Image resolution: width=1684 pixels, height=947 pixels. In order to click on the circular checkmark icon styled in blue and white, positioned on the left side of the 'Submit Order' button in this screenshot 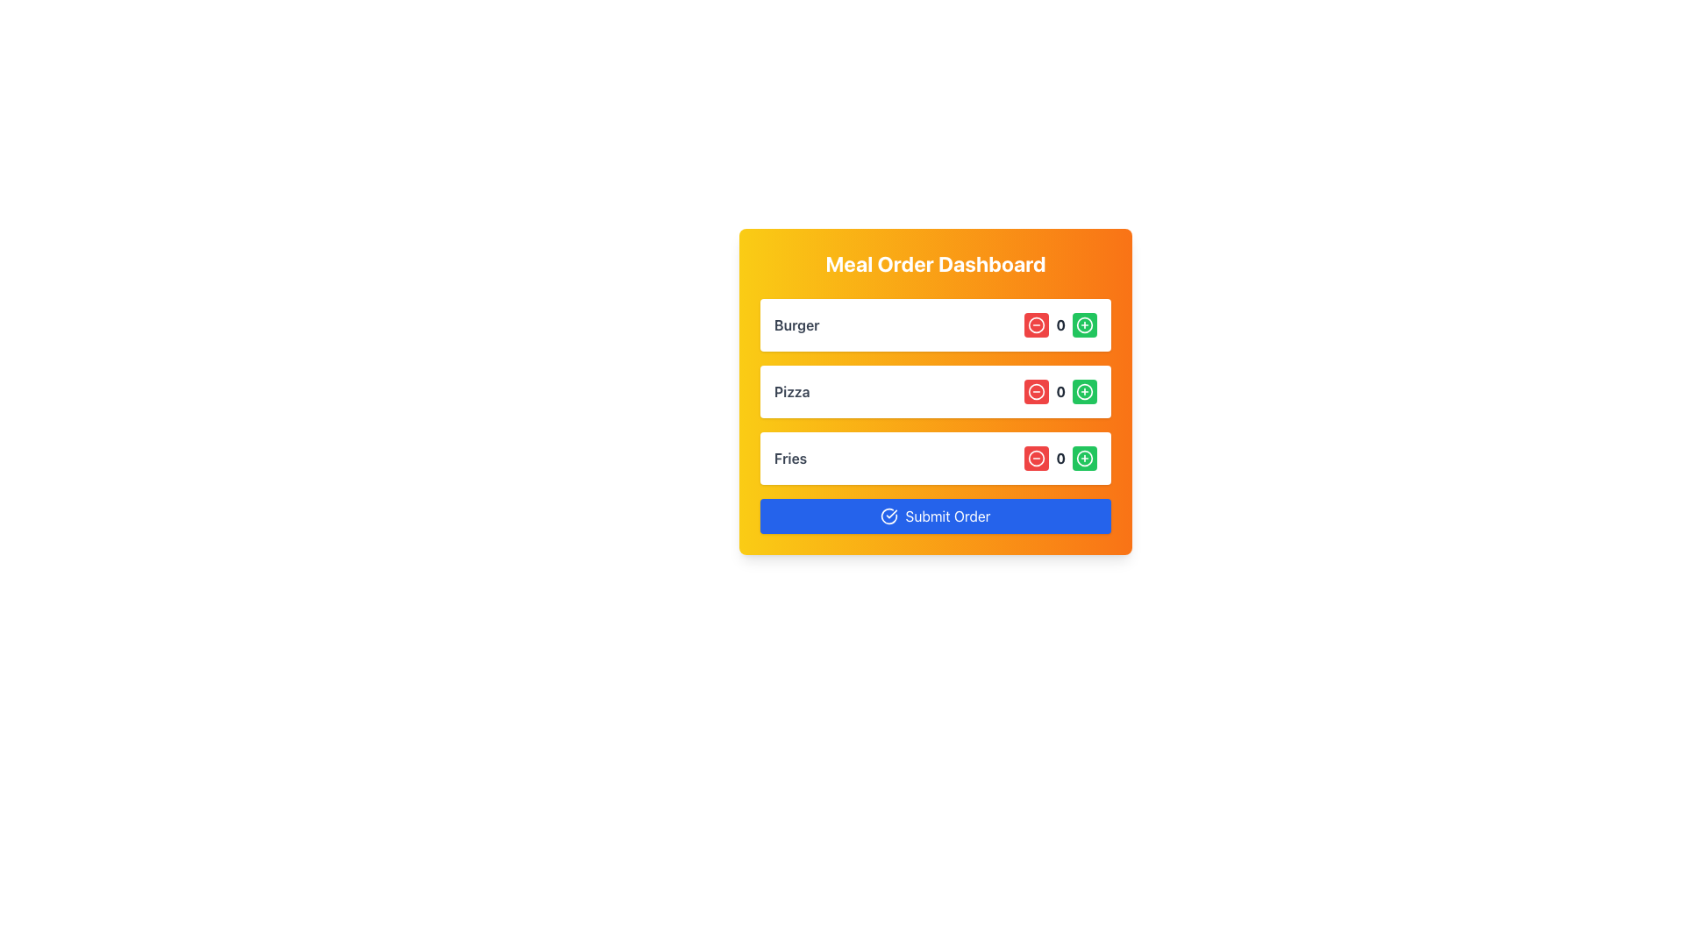, I will do `click(889, 516)`.